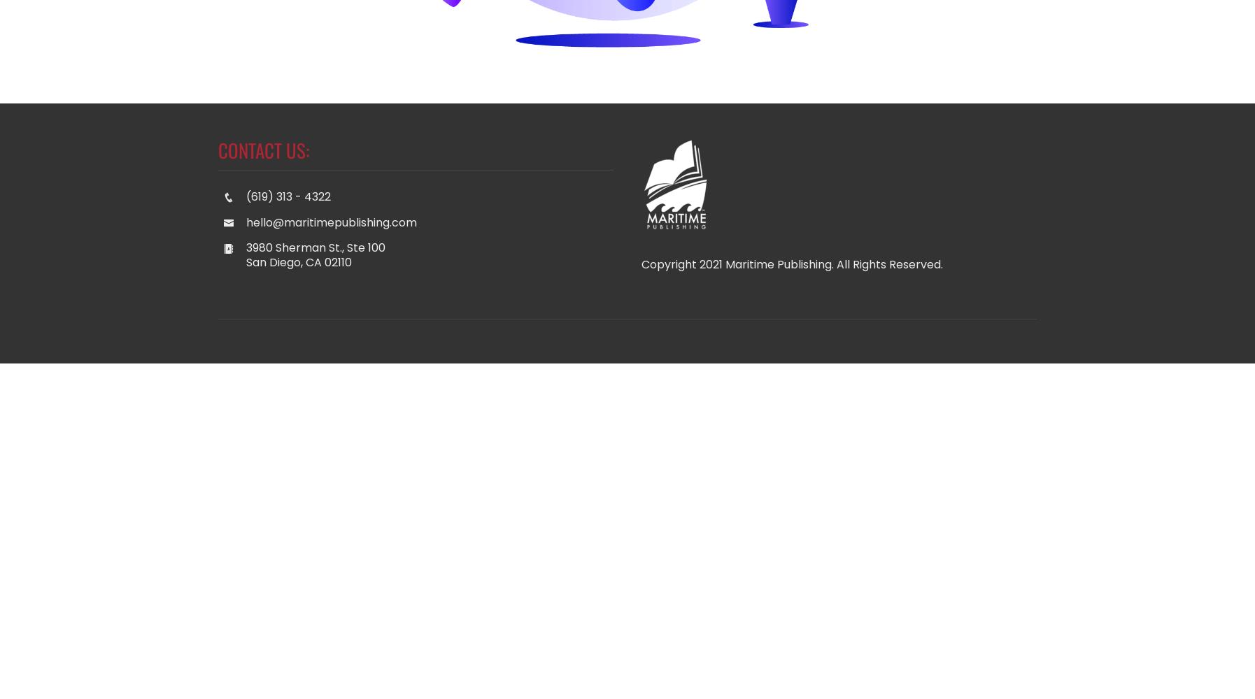  Describe the element at coordinates (791, 264) in the screenshot. I see `'Copyright 2021 Maritime Publishing. All Rights Reserved.'` at that location.